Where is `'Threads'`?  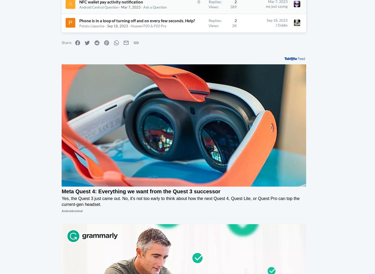 'Threads' is located at coordinates (296, 103).